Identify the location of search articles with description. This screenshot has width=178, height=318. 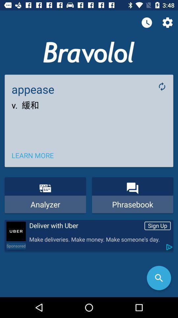
(159, 278).